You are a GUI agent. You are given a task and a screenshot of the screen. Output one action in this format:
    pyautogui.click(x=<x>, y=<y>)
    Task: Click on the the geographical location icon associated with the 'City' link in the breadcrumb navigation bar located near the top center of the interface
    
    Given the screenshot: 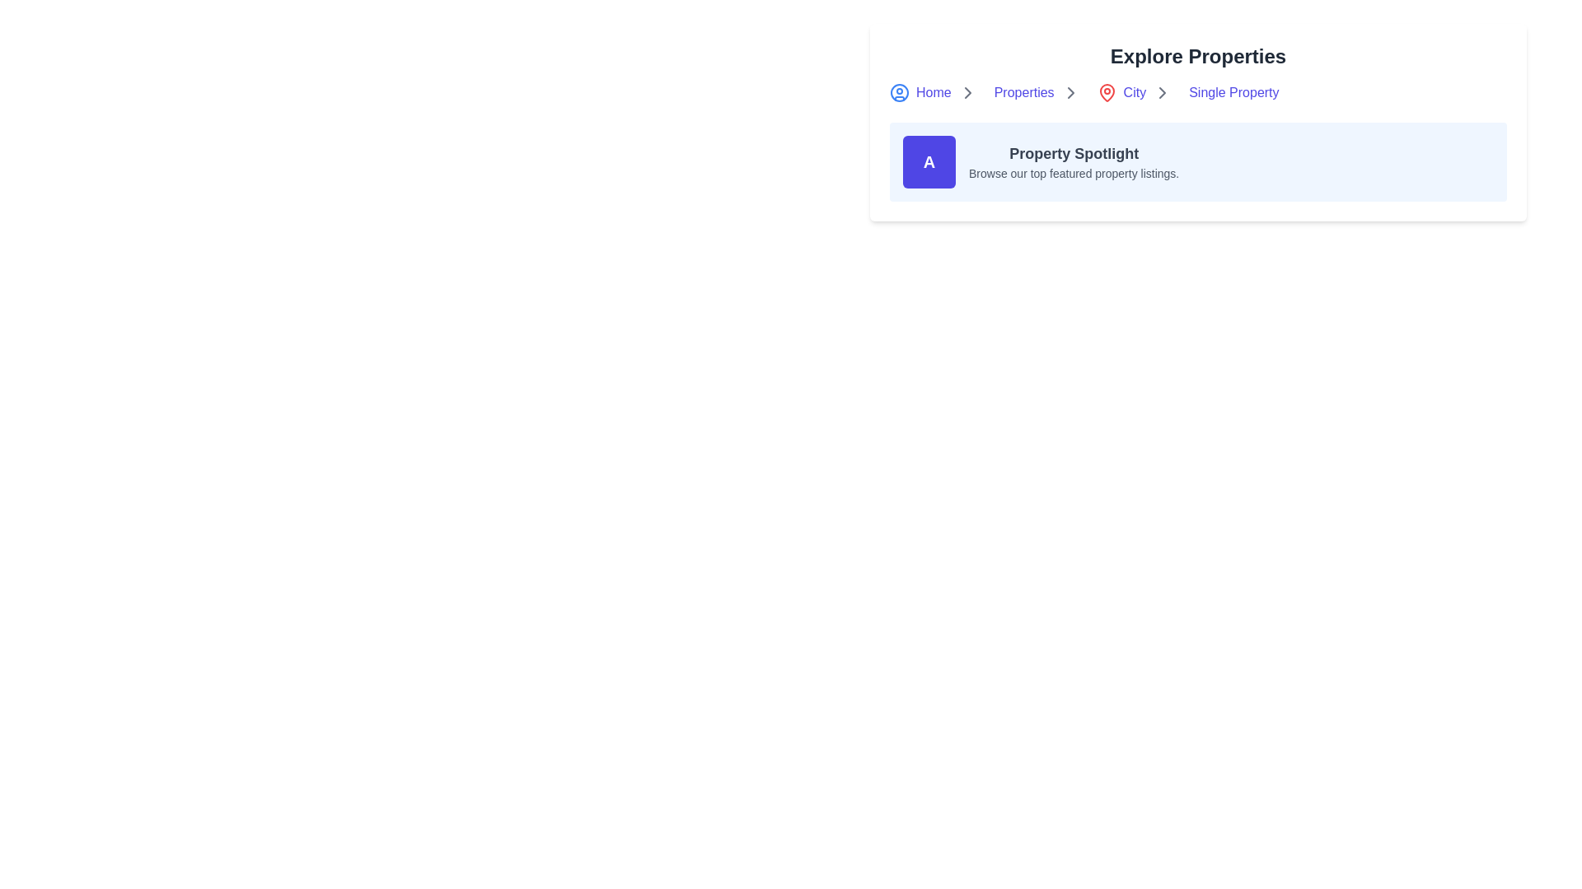 What is the action you would take?
    pyautogui.click(x=1110, y=92)
    